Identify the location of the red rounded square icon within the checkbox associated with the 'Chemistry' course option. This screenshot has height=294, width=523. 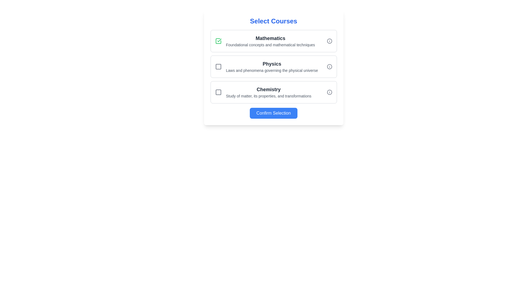
(218, 92).